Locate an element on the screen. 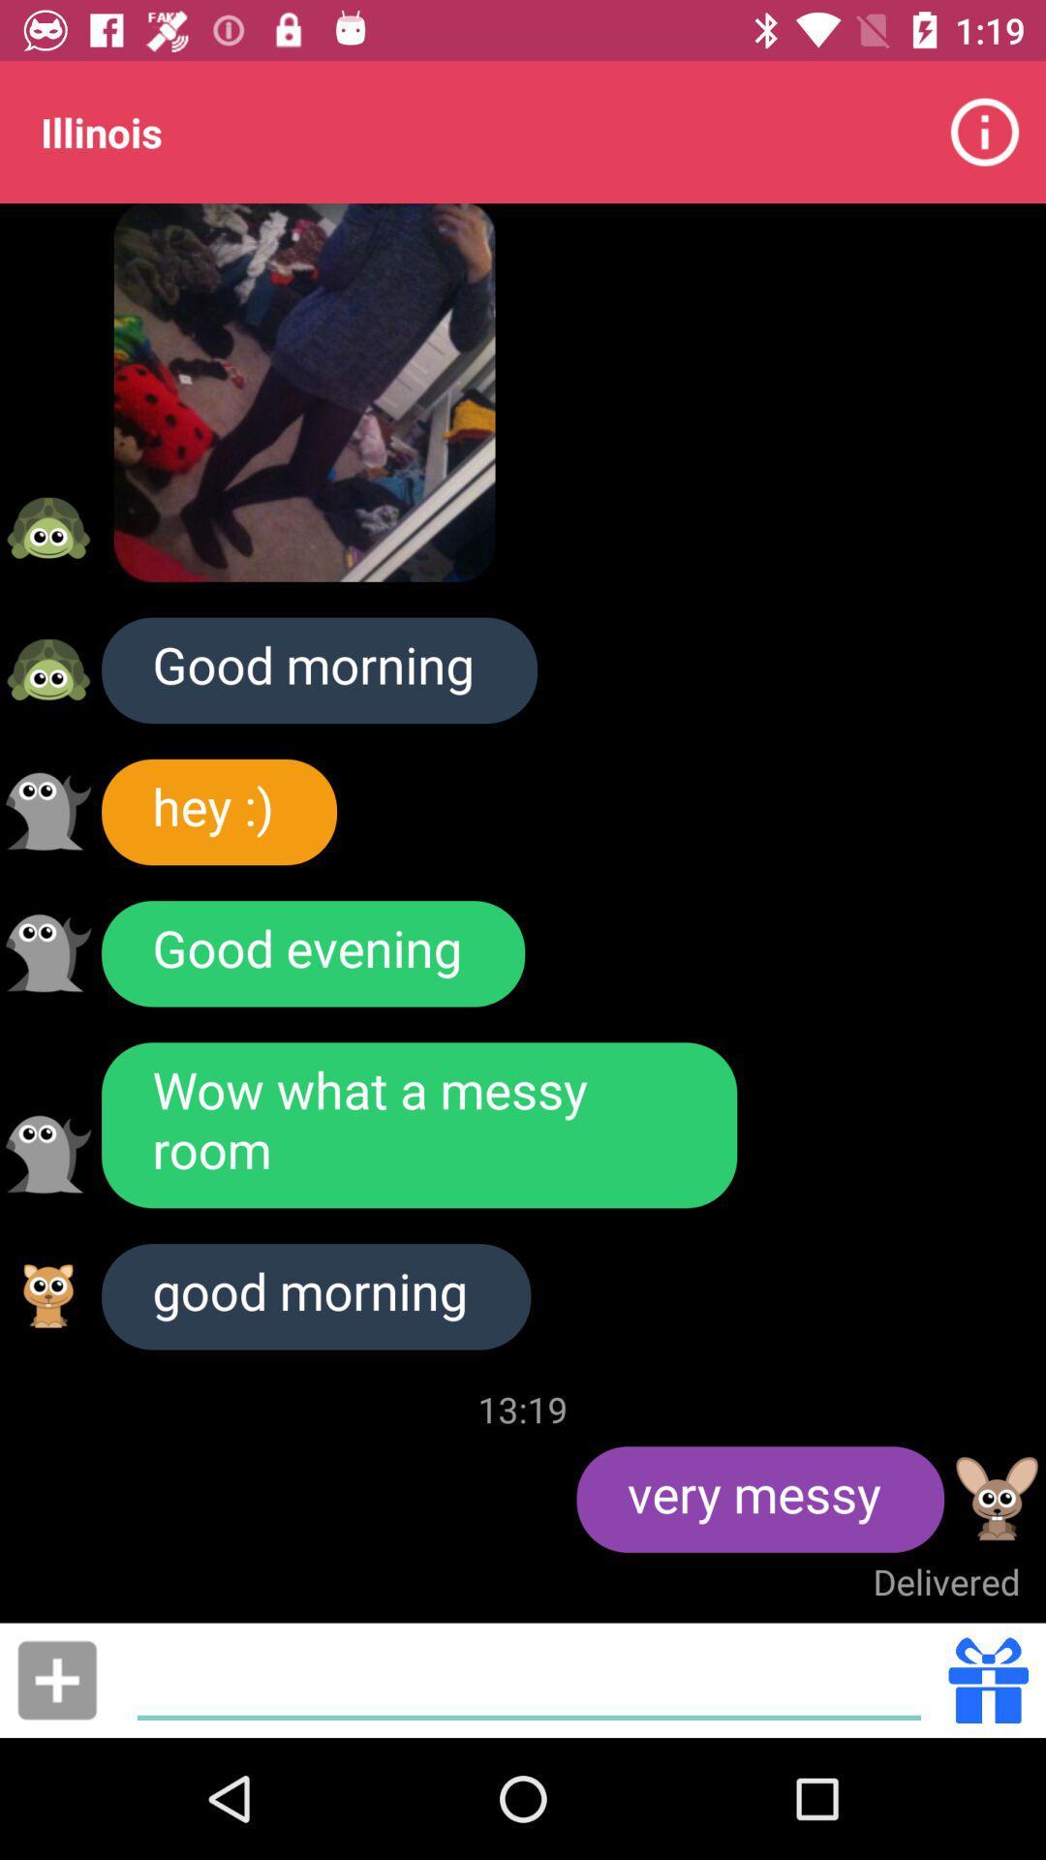 This screenshot has height=1860, width=1046. make new message maybe is located at coordinates (56, 1679).